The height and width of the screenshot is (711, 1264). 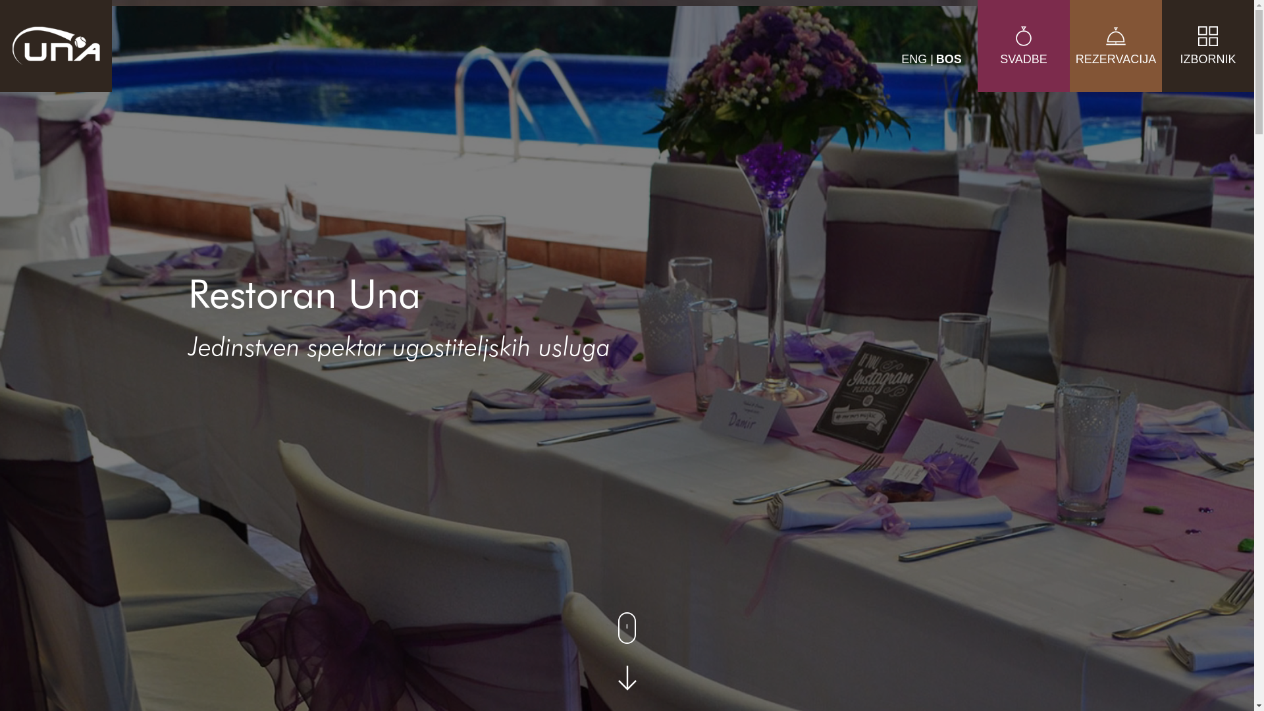 I want to click on 'IZBORNIK', so click(x=1207, y=45).